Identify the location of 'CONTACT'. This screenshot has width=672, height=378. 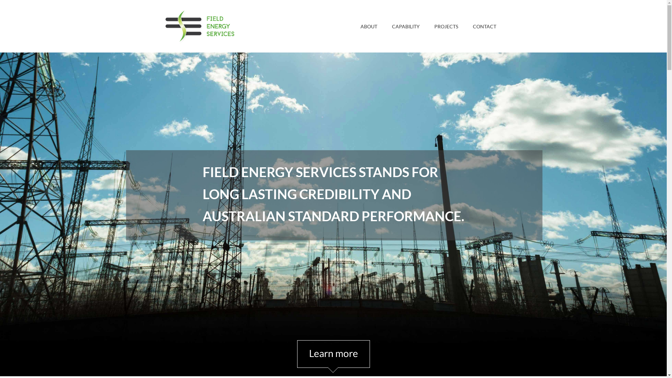
(484, 26).